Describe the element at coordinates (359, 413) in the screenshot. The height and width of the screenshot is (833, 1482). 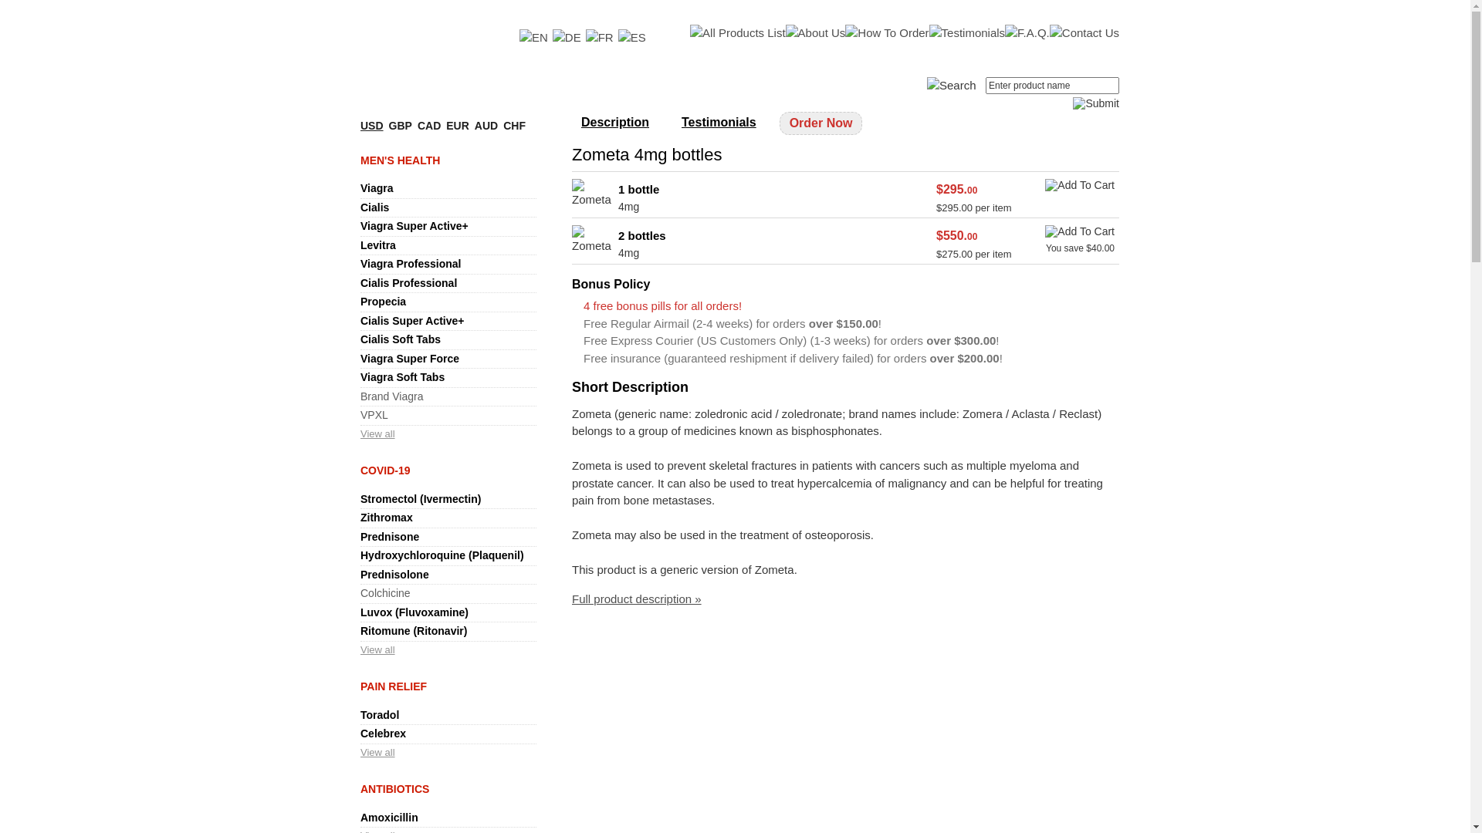
I see `'VPXL'` at that location.